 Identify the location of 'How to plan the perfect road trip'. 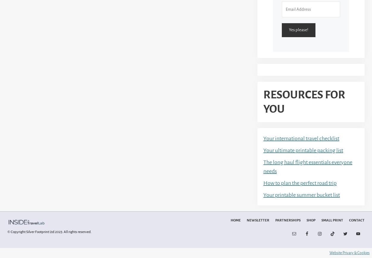
(263, 183).